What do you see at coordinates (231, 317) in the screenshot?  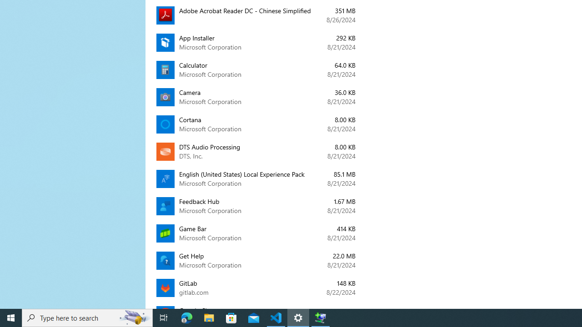 I see `'Microsoft Store'` at bounding box center [231, 317].